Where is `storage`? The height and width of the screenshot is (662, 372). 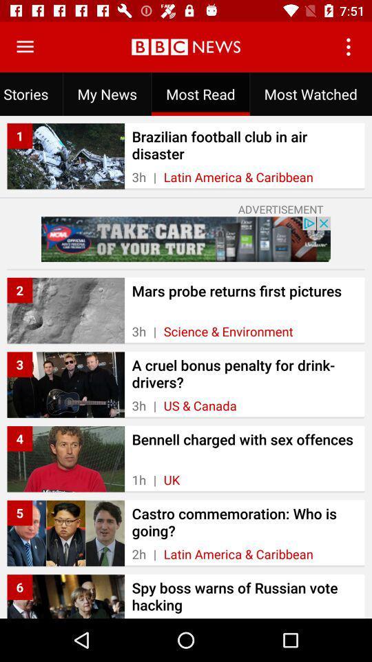
storage is located at coordinates (25, 47).